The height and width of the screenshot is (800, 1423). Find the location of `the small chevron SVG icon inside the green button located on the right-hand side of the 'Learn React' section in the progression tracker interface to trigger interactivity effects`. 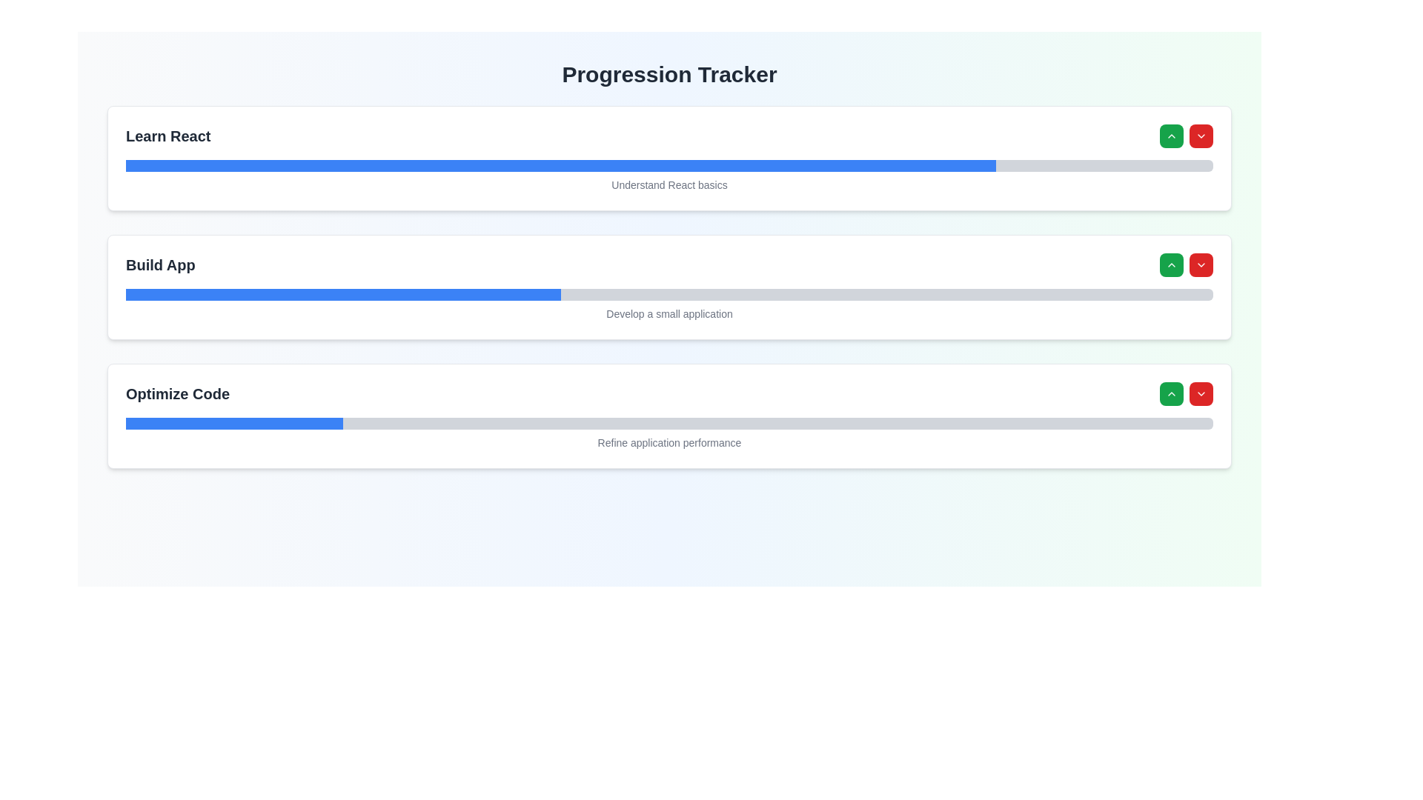

the small chevron SVG icon inside the green button located on the right-hand side of the 'Learn React' section in the progression tracker interface to trigger interactivity effects is located at coordinates (1170, 136).